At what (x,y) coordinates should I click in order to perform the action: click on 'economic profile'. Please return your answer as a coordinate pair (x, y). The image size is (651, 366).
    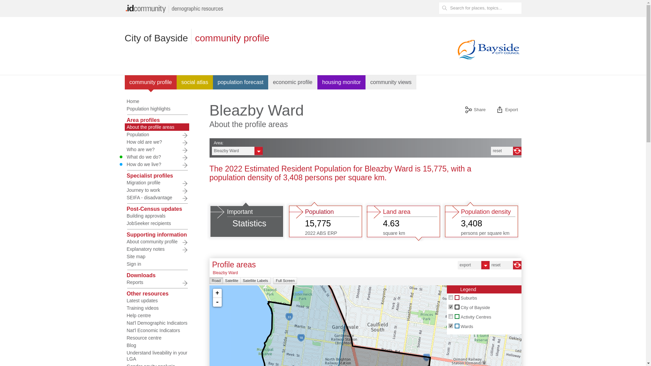
    Looking at the image, I should click on (293, 82).